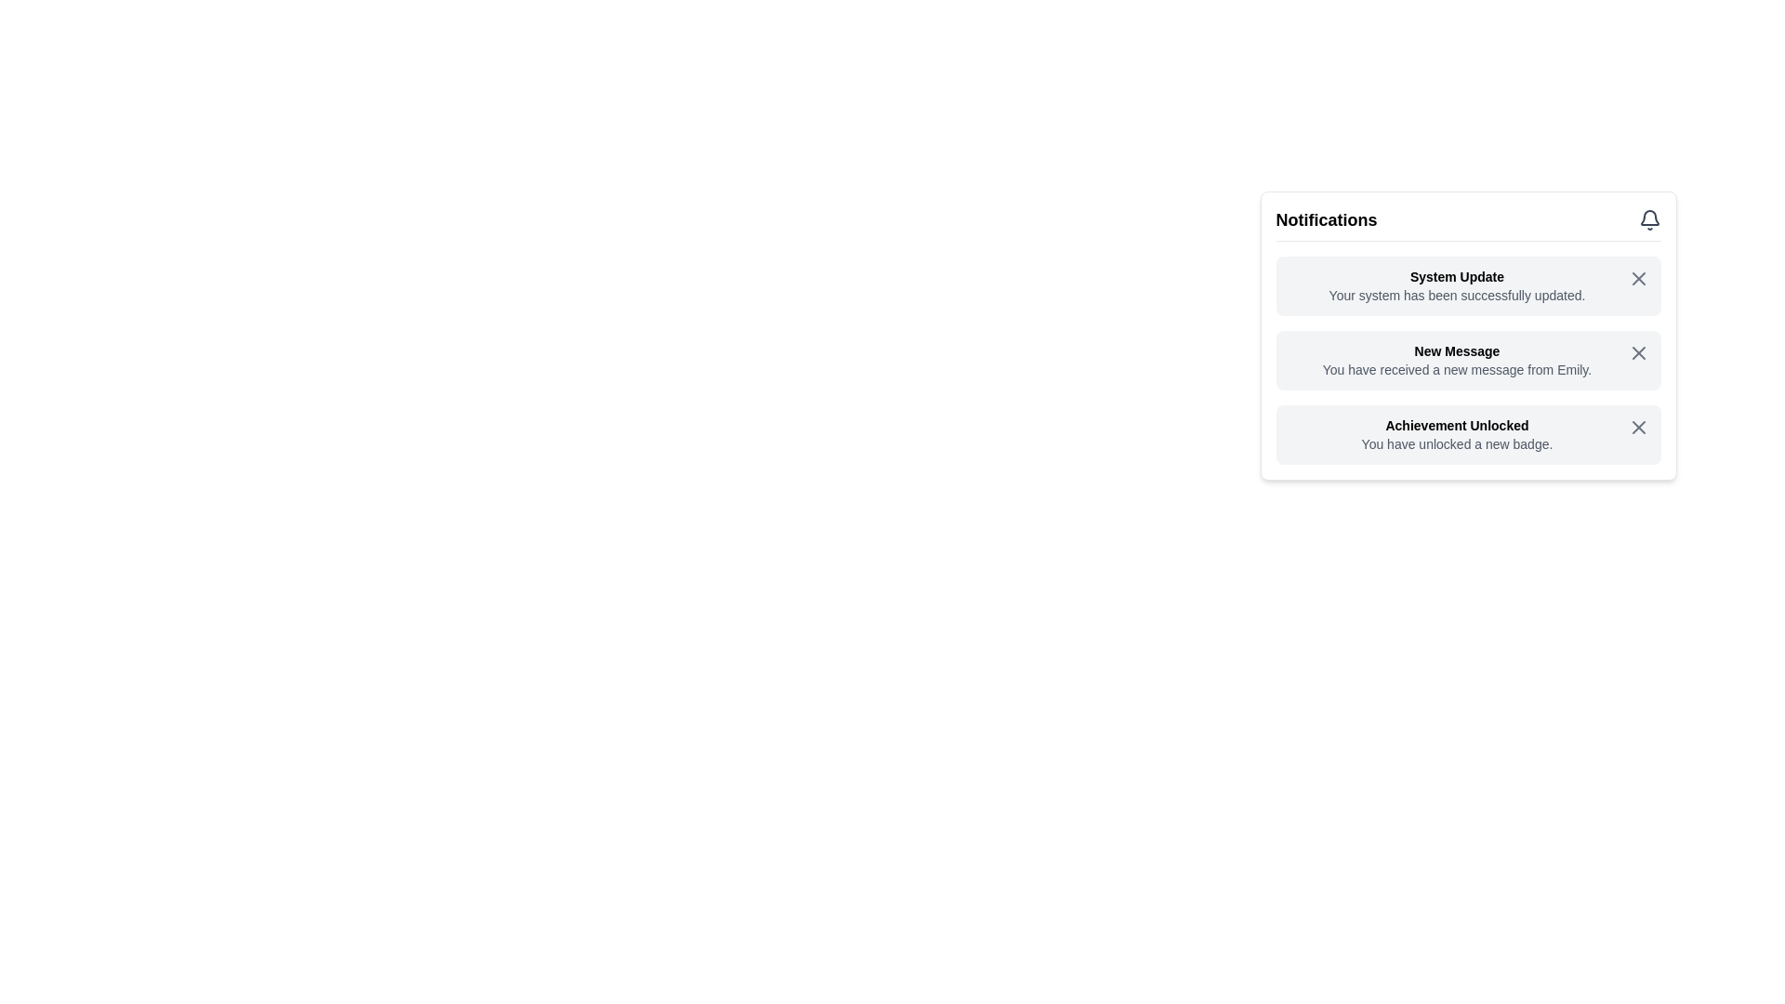 The image size is (1785, 1004). What do you see at coordinates (1638, 427) in the screenshot?
I see `the close icon button located at the far right side of the 'Achievement Unlocked' notification` at bounding box center [1638, 427].